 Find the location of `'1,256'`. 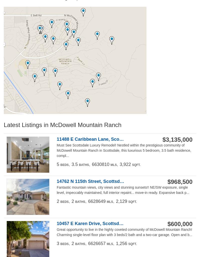

'1,256' is located at coordinates (121, 243).